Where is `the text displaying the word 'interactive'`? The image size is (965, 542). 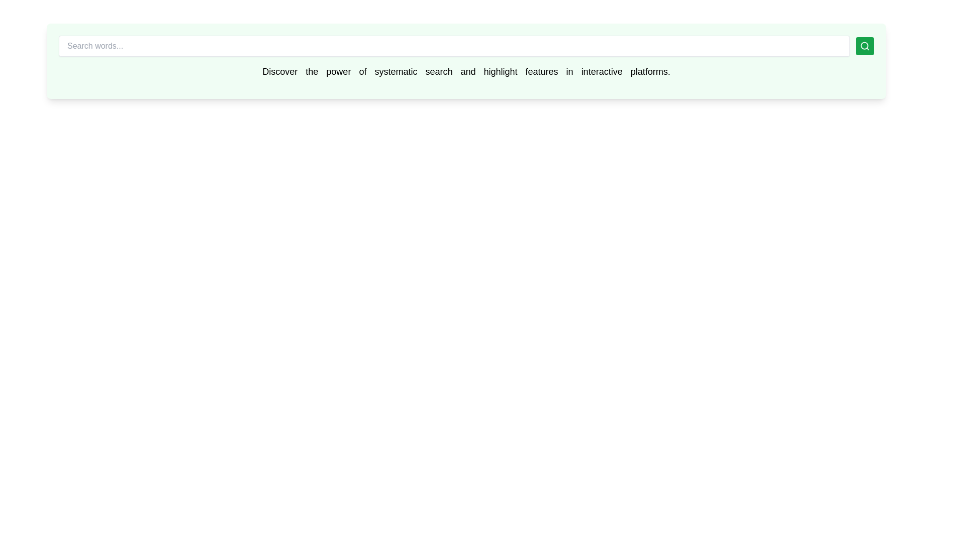
the text displaying the word 'interactive' is located at coordinates (602, 71).